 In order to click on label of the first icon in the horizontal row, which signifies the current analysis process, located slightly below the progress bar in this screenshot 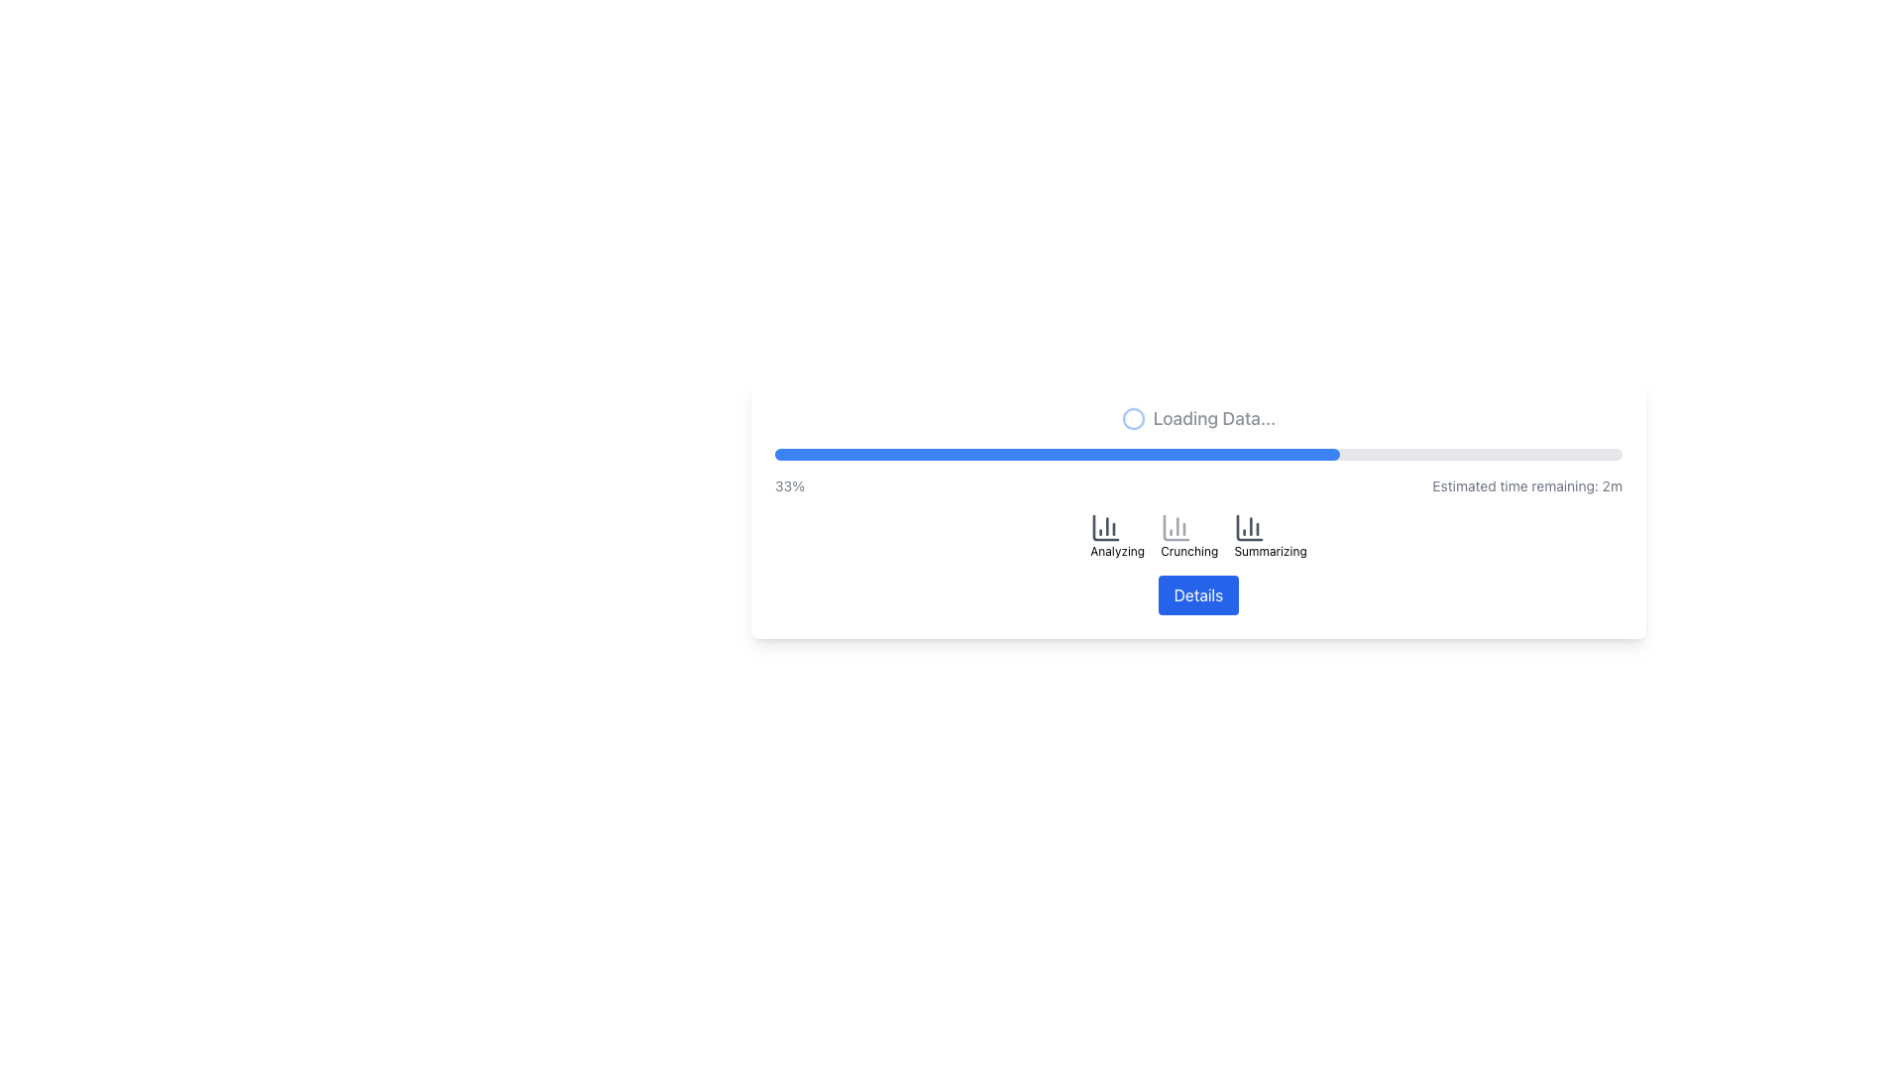, I will do `click(1117, 535)`.